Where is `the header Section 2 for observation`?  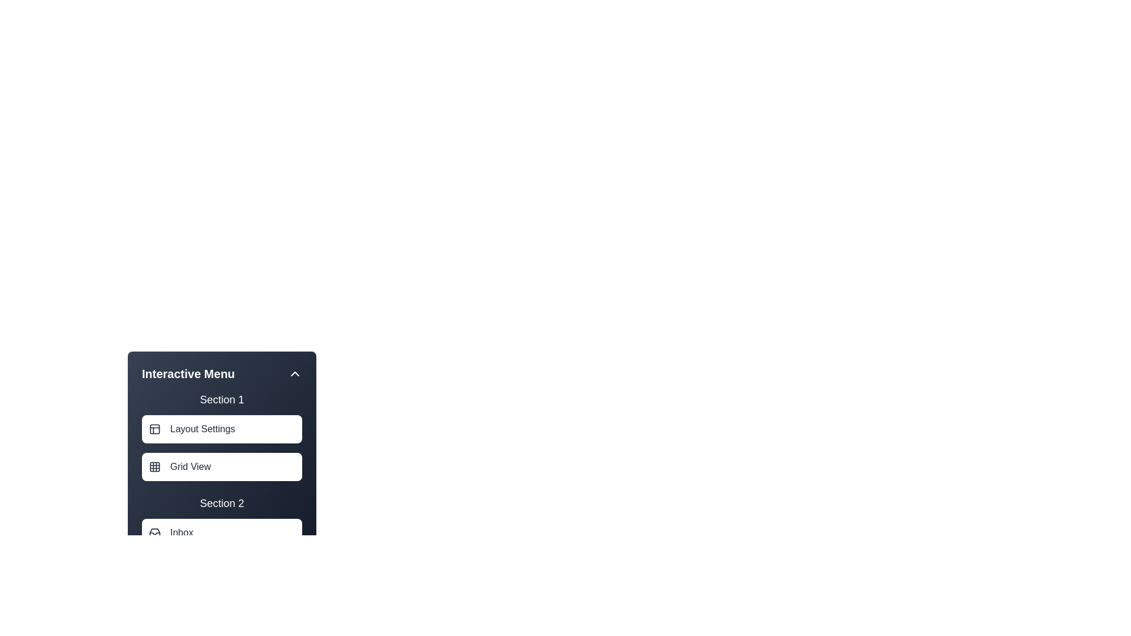
the header Section 2 for observation is located at coordinates (222, 503).